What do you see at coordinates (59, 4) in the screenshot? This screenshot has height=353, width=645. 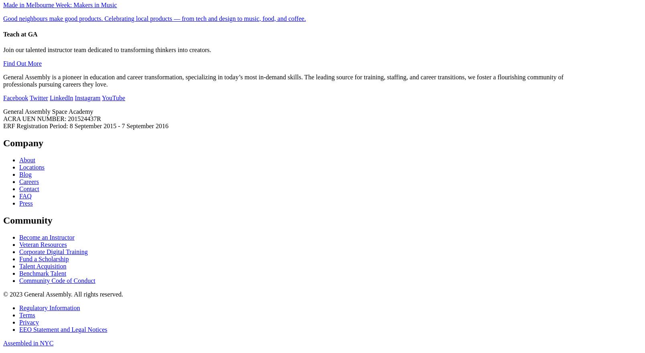 I see `'Made in Melbourne Week: Makers in Music'` at bounding box center [59, 4].